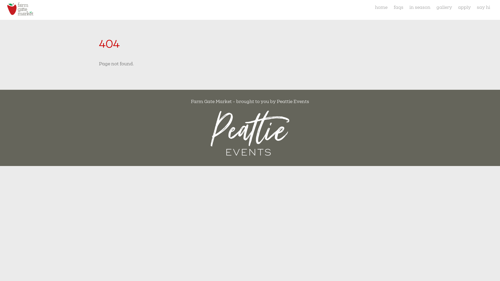 The image size is (500, 281). Describe the element at coordinates (398, 7) in the screenshot. I see `'faqs'` at that location.